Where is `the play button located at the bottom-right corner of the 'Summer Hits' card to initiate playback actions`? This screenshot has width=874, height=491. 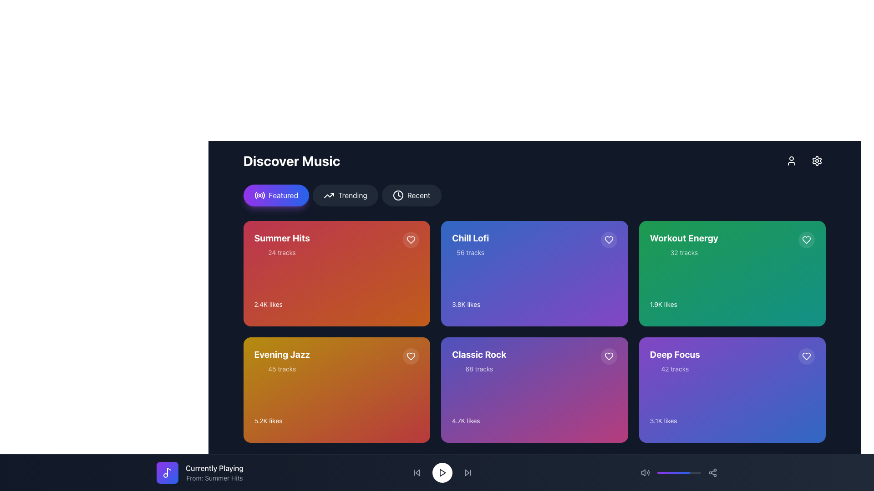 the play button located at the bottom-right corner of the 'Summer Hits' card to initiate playback actions is located at coordinates (408, 319).